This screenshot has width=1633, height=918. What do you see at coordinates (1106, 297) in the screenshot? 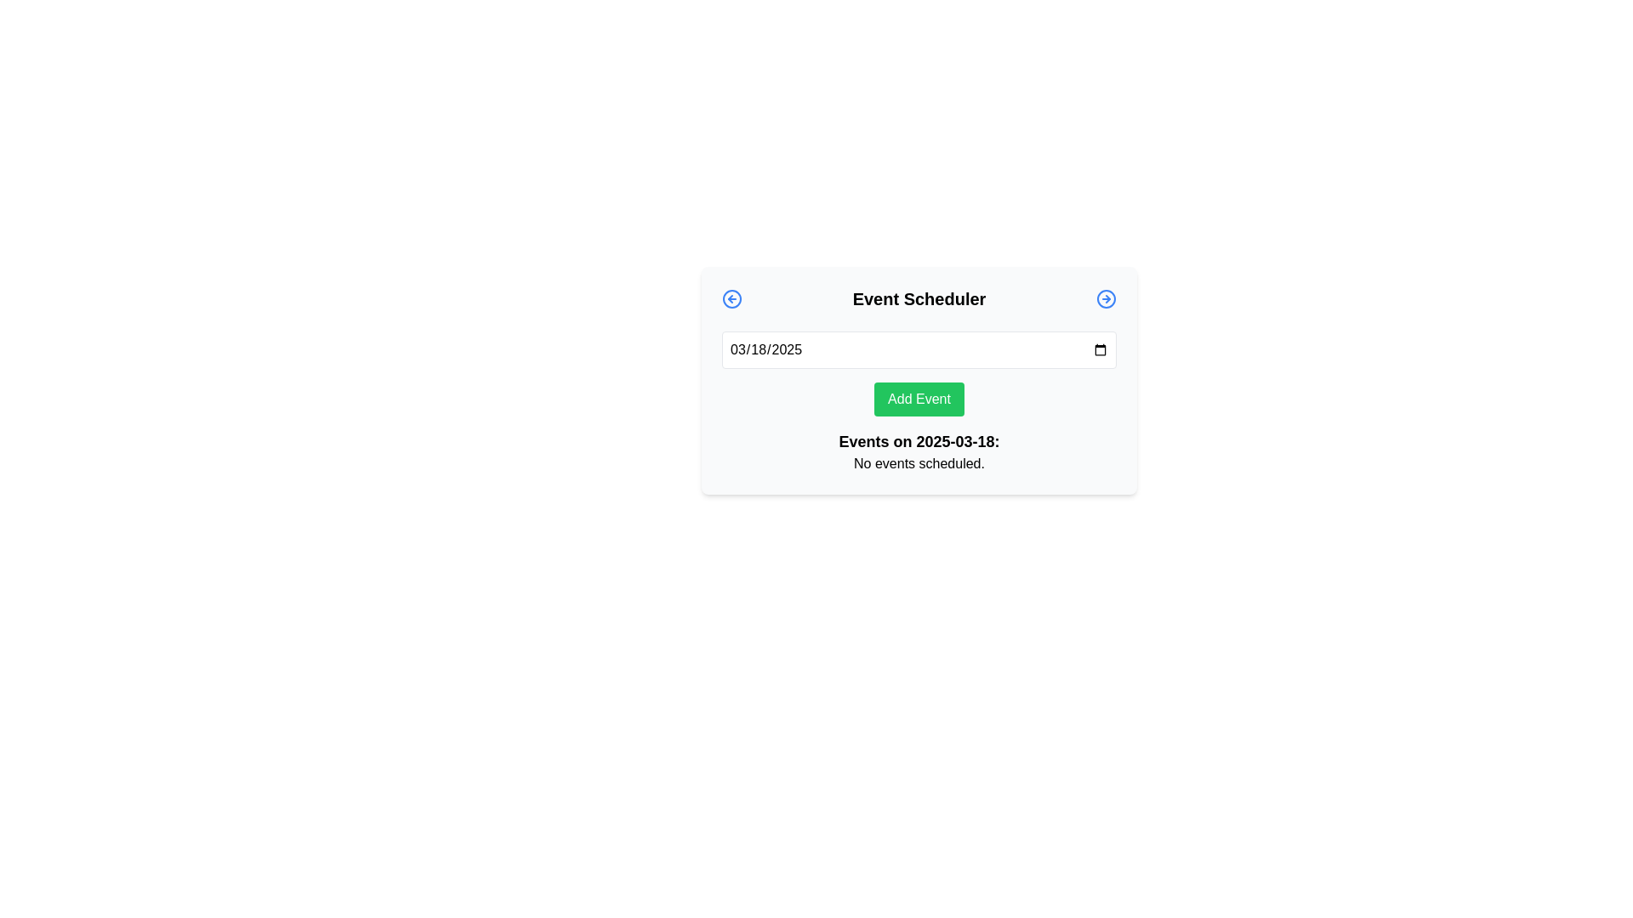
I see `the decorative circle icon in the upper-right corner of the content box, which has a blue outline and white-filled interior` at bounding box center [1106, 297].